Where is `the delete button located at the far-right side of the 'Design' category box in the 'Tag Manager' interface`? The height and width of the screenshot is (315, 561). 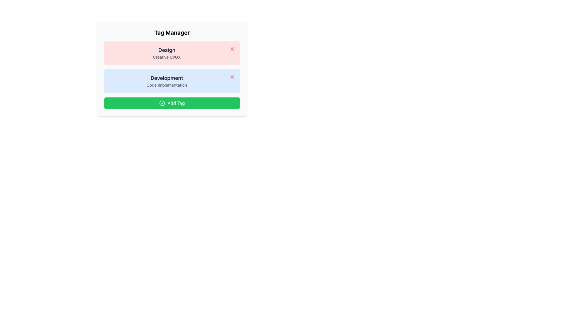 the delete button located at the far-right side of the 'Design' category box in the 'Tag Manager' interface is located at coordinates (232, 49).